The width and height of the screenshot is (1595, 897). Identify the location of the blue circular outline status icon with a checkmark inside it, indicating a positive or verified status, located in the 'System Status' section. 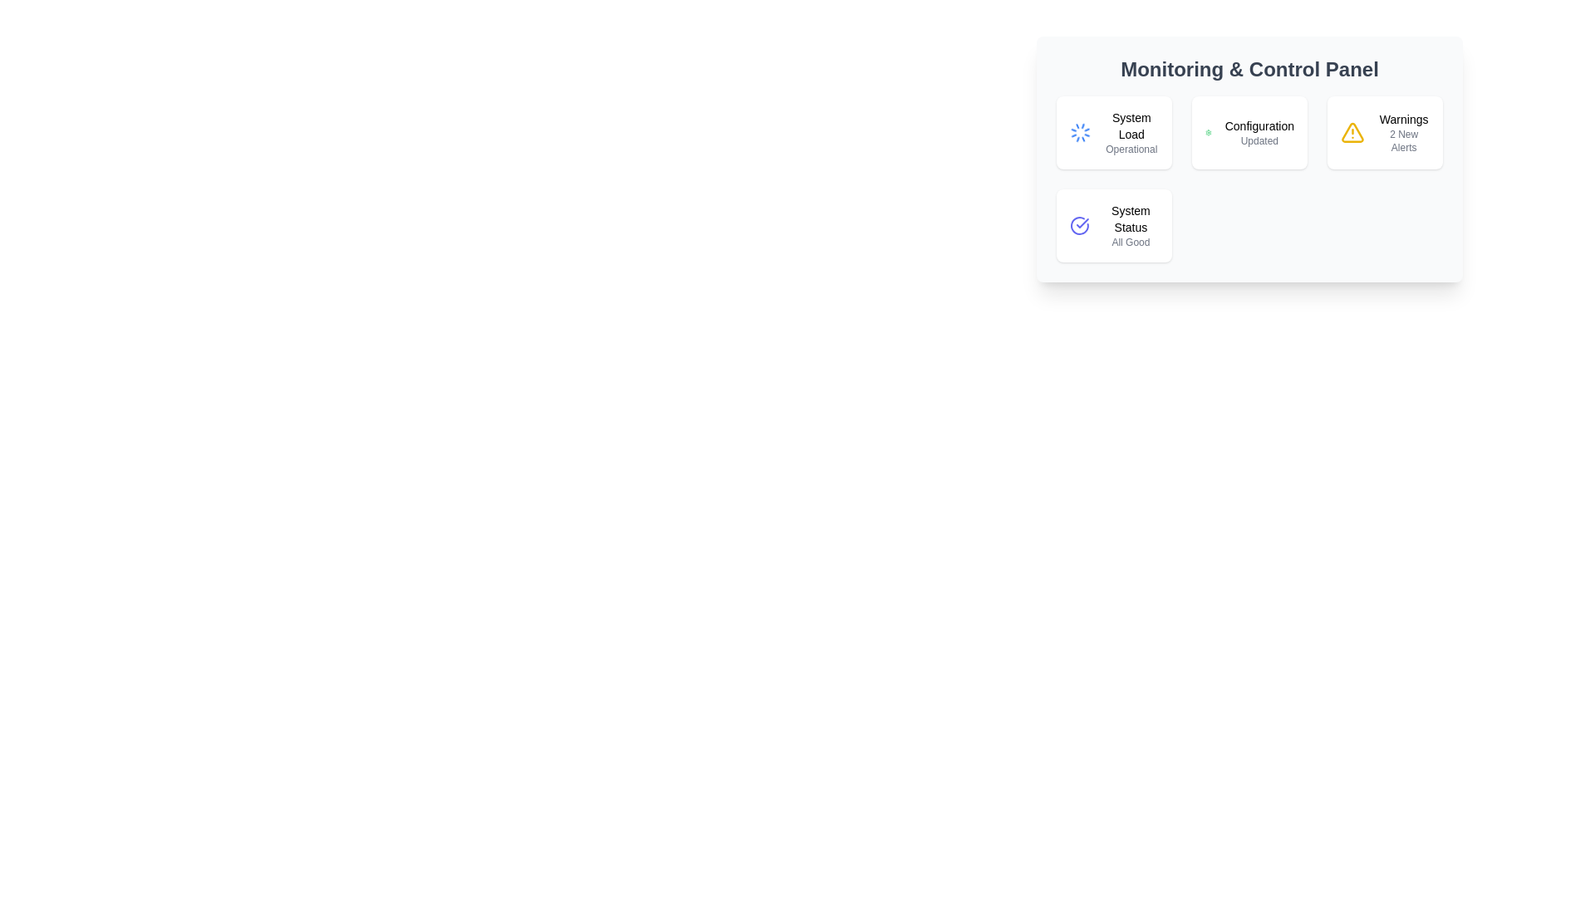
(1079, 226).